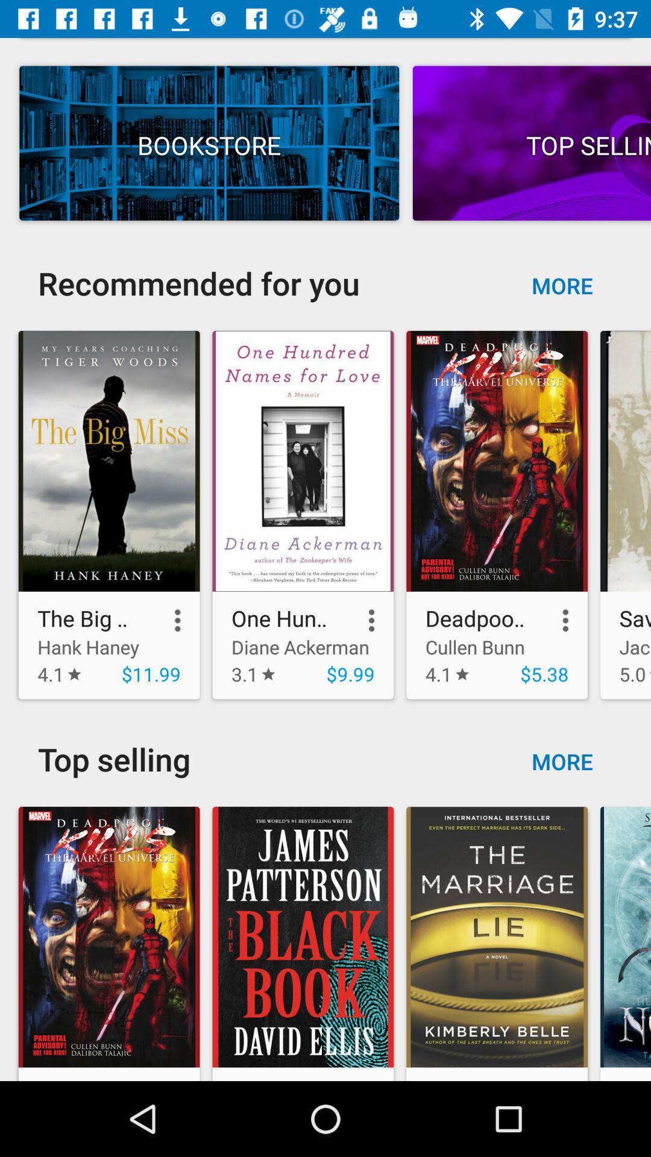 This screenshot has height=1157, width=651. What do you see at coordinates (109, 515) in the screenshot?
I see `the first image under recommended for you` at bounding box center [109, 515].